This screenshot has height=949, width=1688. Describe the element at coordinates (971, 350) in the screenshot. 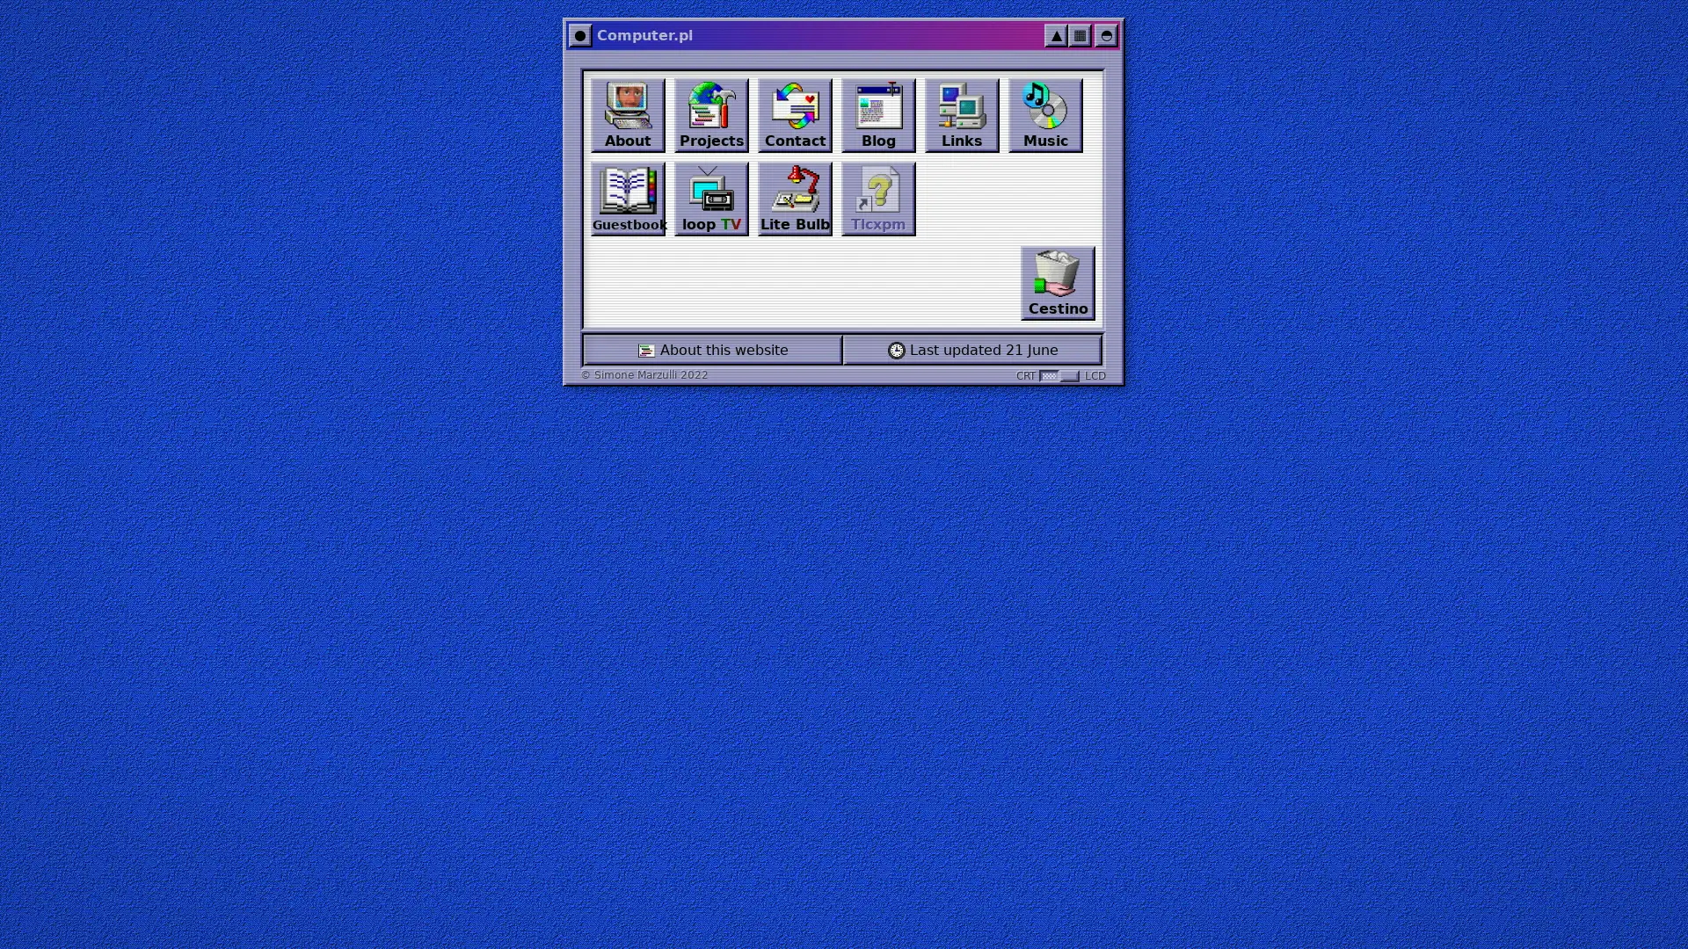

I see `clock Last updated 21 June` at that location.